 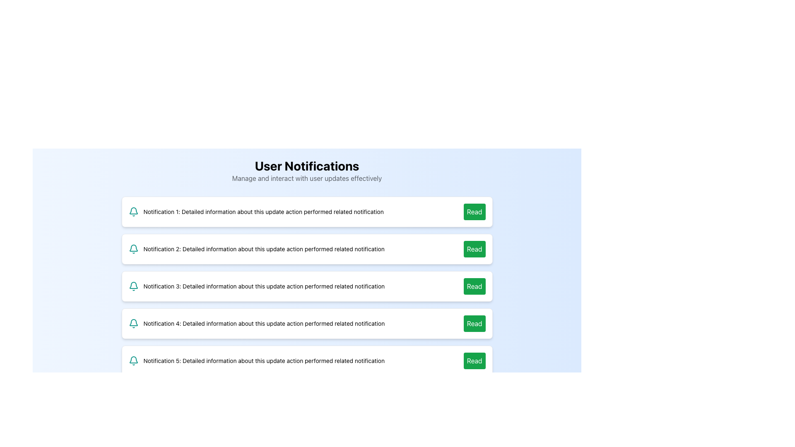 I want to click on the text element displaying 'Notification 2: Detailed information about this update action performed related notification.' which is the second entry in a list of notifications, so click(x=263, y=248).